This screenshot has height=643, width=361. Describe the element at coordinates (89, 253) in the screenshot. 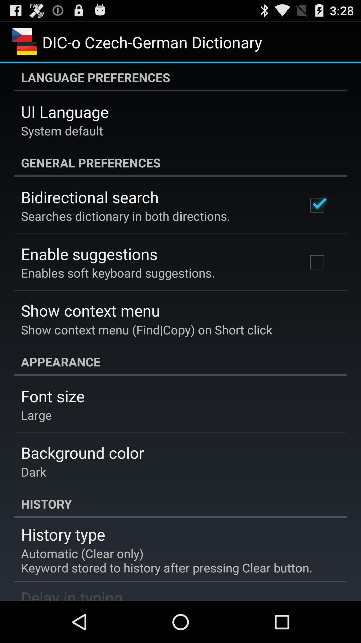

I see `the enable suggestions item` at that location.